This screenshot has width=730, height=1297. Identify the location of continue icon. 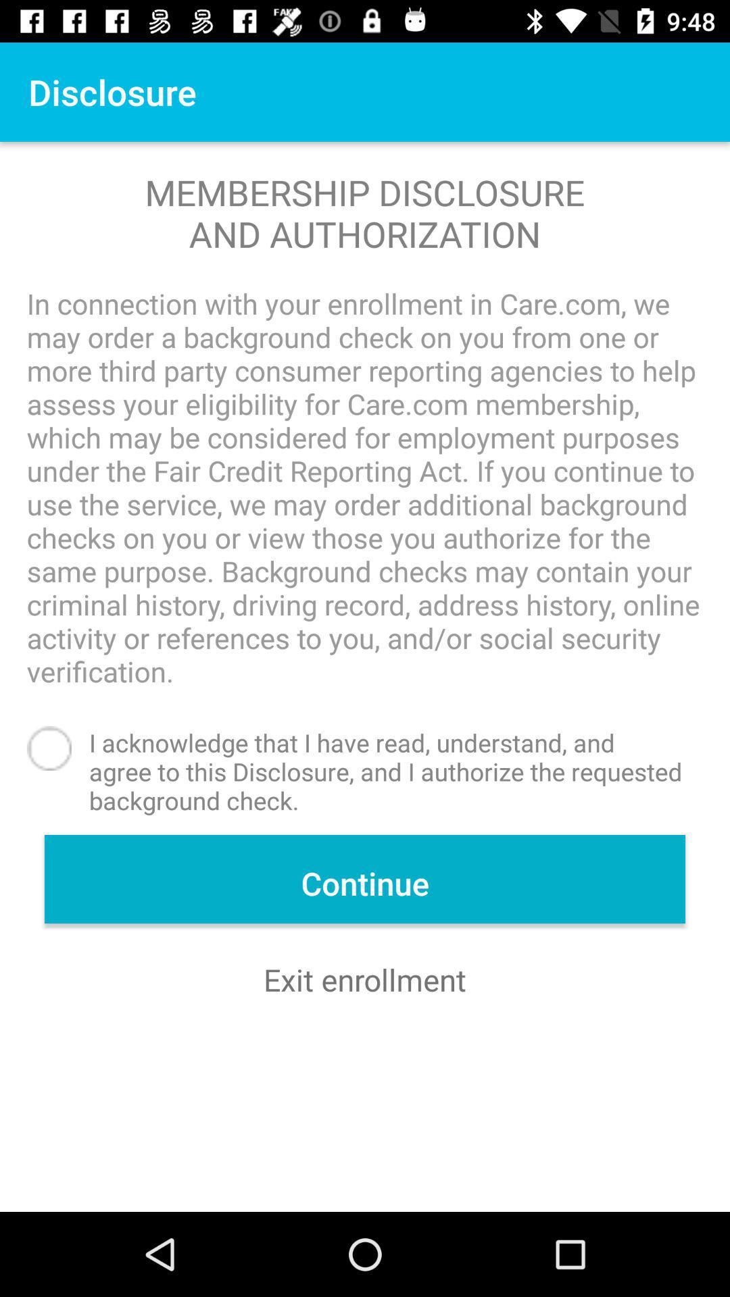
(365, 879).